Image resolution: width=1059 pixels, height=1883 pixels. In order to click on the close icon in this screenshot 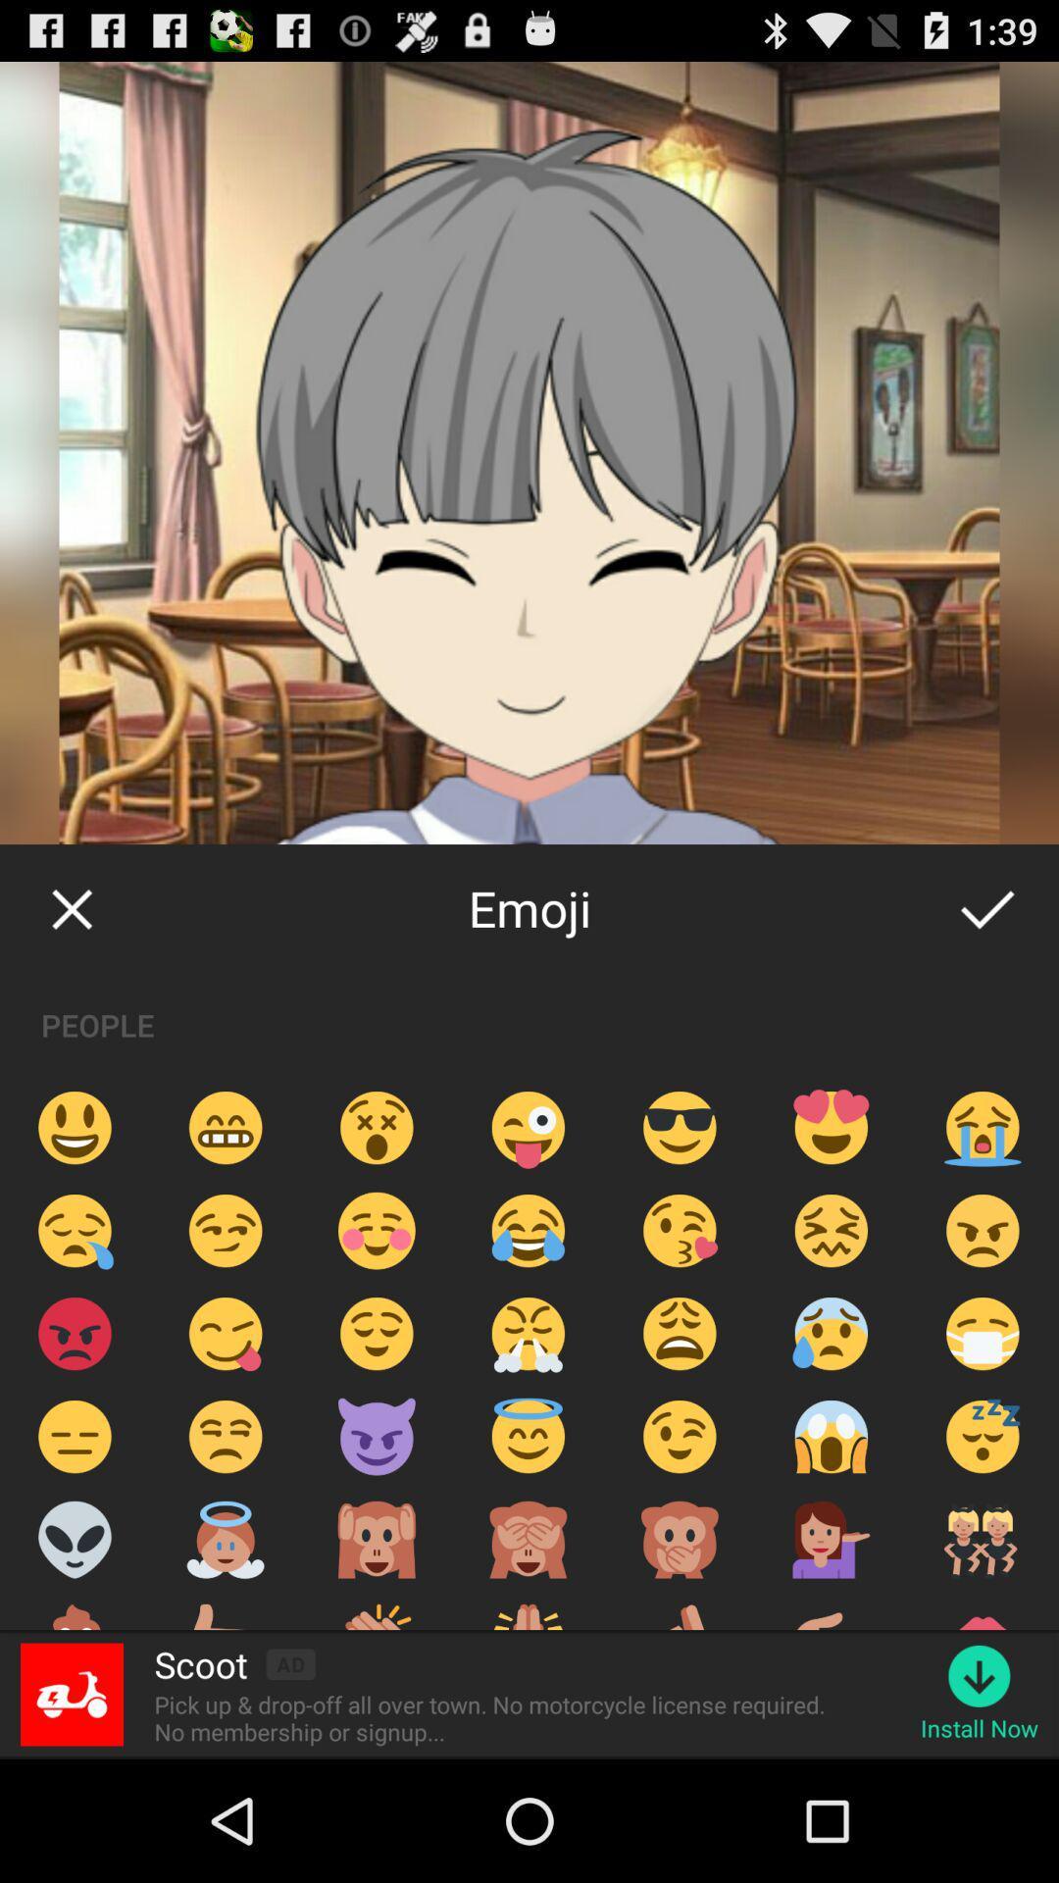, I will do `click(71, 972)`.